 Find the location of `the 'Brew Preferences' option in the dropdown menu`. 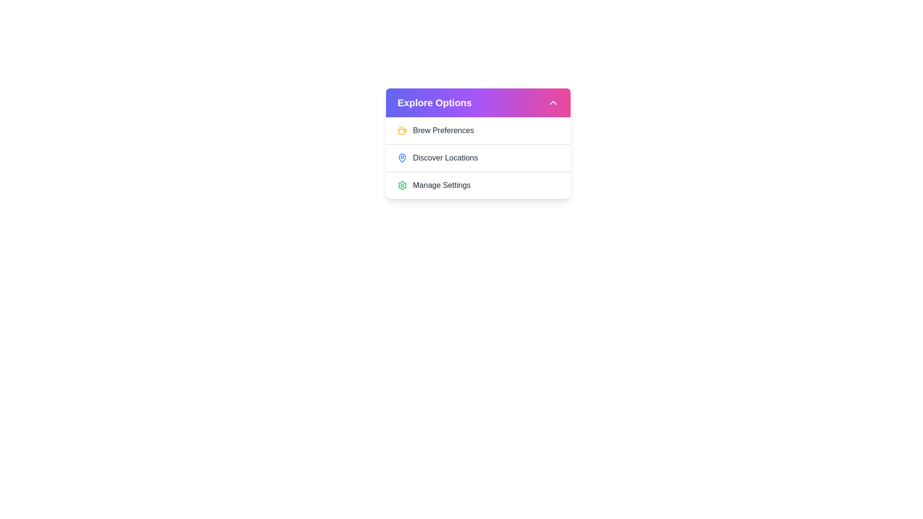

the 'Brew Preferences' option in the dropdown menu is located at coordinates (478, 131).